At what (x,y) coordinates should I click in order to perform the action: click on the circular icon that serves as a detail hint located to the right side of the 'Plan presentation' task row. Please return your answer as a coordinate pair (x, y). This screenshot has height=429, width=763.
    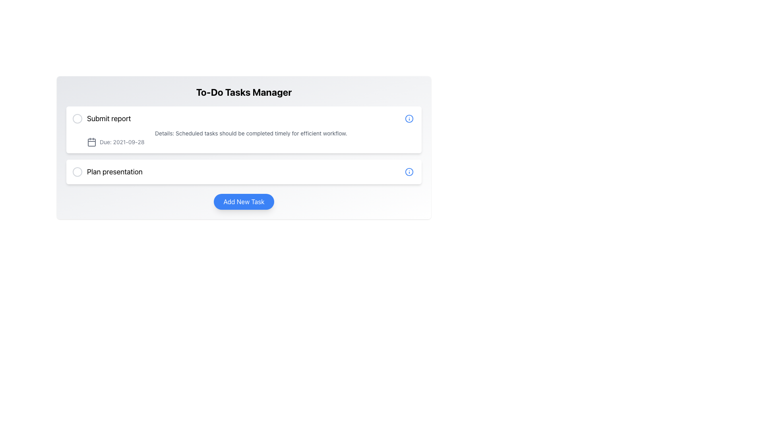
    Looking at the image, I should click on (409, 171).